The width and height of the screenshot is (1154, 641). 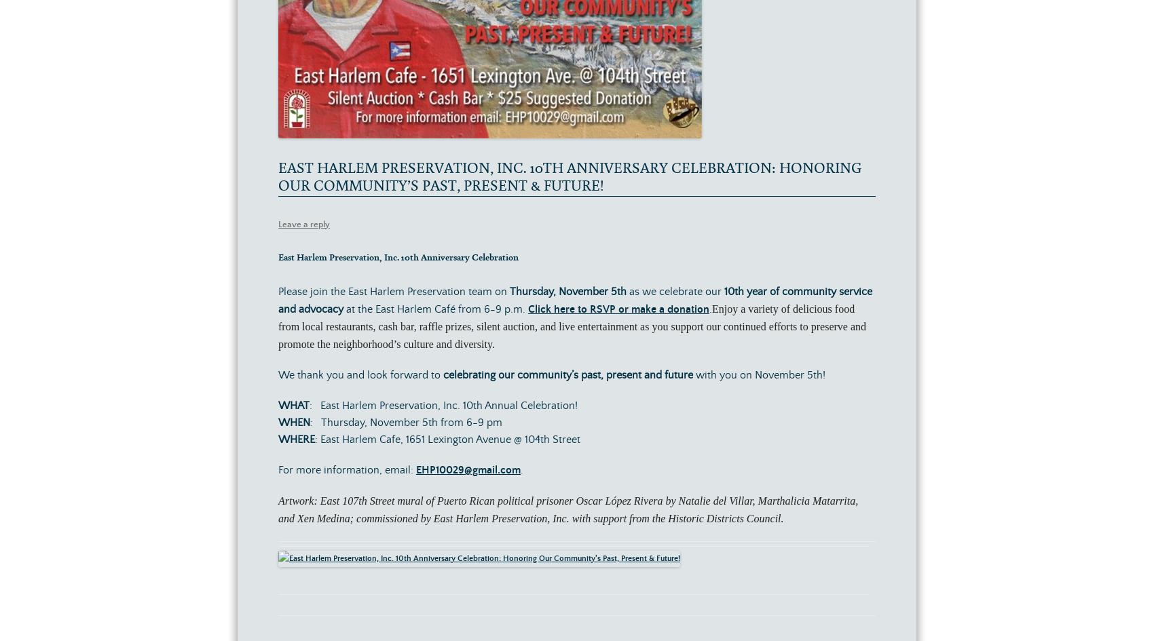 What do you see at coordinates (297, 438) in the screenshot?
I see `'WHERE'` at bounding box center [297, 438].